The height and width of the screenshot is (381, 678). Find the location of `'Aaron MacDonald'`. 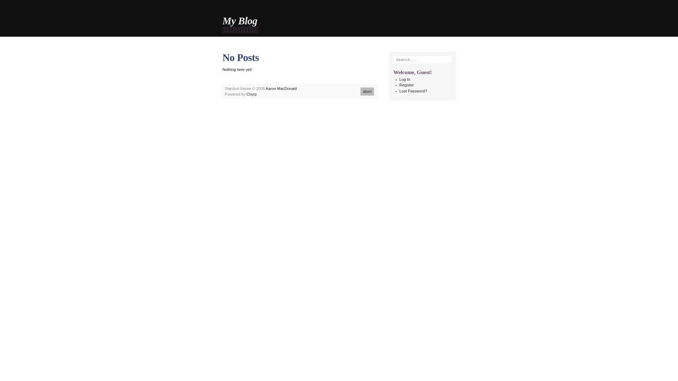

'Aaron MacDonald' is located at coordinates (281, 88).